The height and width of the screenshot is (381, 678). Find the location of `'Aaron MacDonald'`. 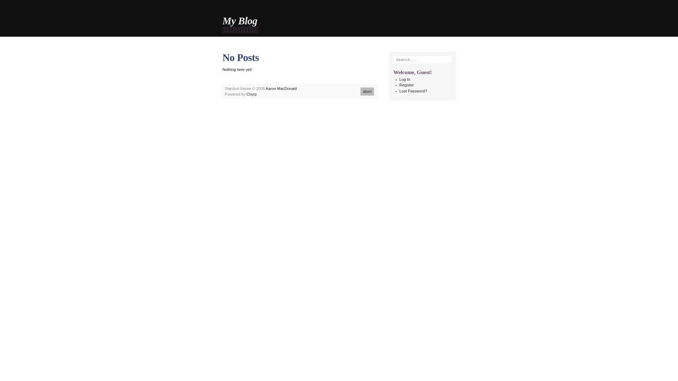

'Aaron MacDonald' is located at coordinates (281, 88).